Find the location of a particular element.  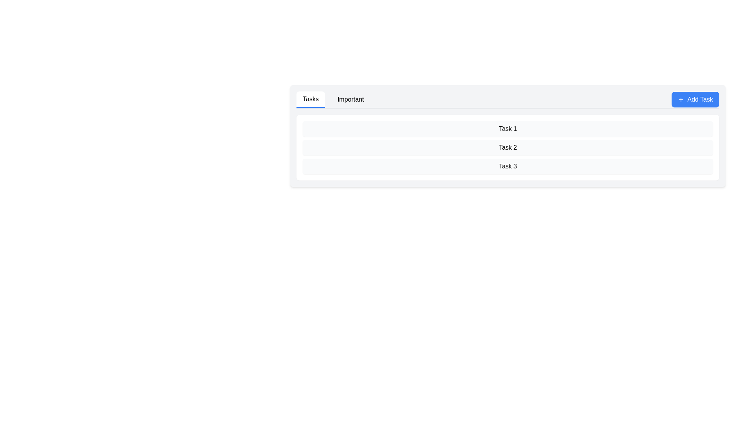

the 'Important' tab on the navigation control to switch to its corresponding section is located at coordinates (333, 99).